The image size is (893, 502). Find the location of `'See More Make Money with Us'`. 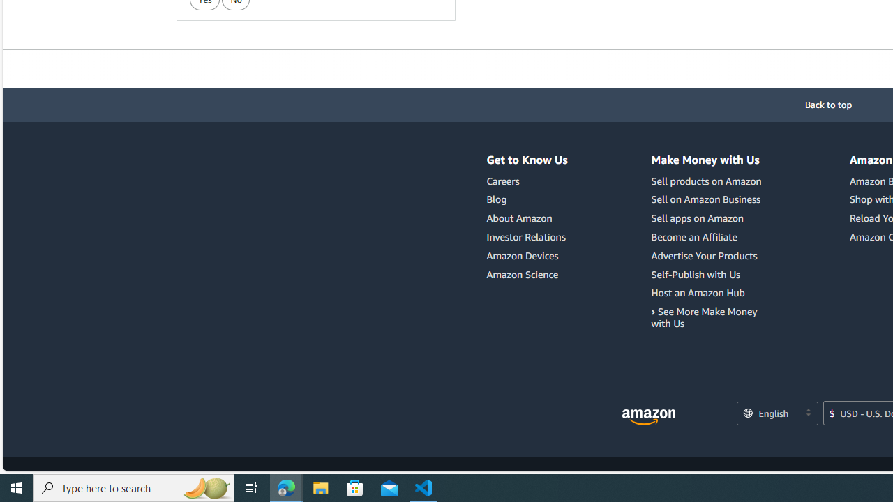

'See More Make Money with Us' is located at coordinates (704, 317).